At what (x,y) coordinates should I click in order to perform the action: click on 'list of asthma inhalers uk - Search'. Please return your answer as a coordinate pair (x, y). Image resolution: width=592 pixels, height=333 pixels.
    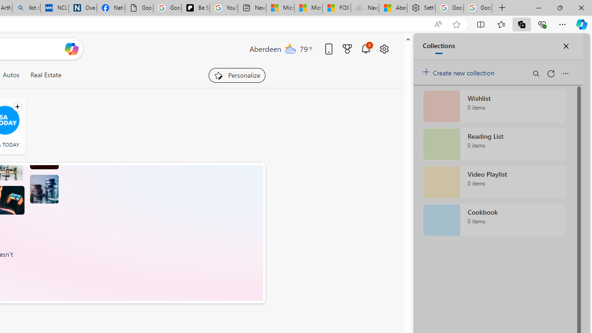
    Looking at the image, I should click on (26, 8).